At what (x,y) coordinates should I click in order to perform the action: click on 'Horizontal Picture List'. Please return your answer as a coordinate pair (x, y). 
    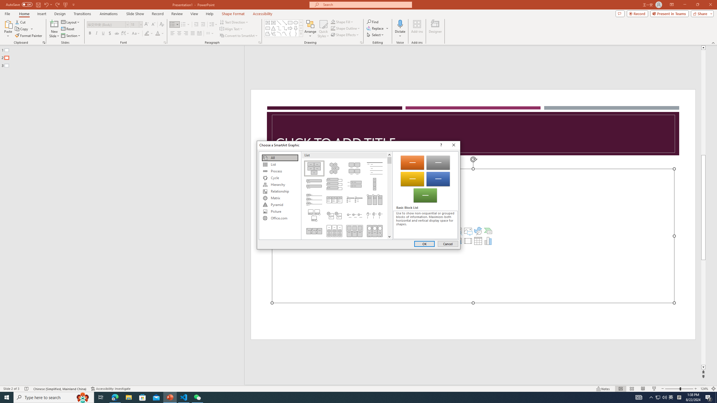
    Looking at the image, I should click on (354, 231).